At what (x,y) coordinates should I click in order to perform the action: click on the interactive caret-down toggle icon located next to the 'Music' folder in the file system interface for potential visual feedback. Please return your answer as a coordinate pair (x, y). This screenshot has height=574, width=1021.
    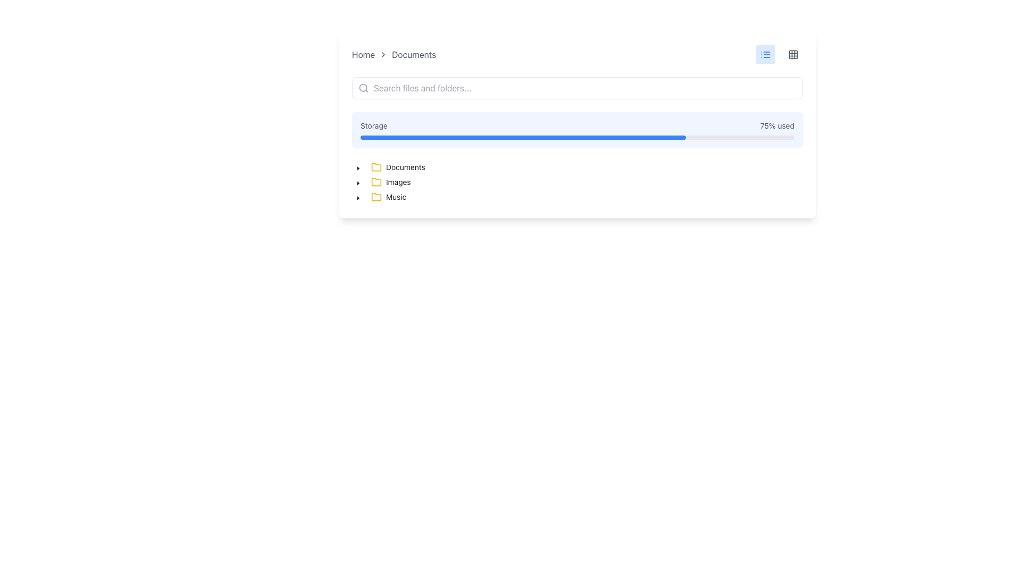
    Looking at the image, I should click on (358, 198).